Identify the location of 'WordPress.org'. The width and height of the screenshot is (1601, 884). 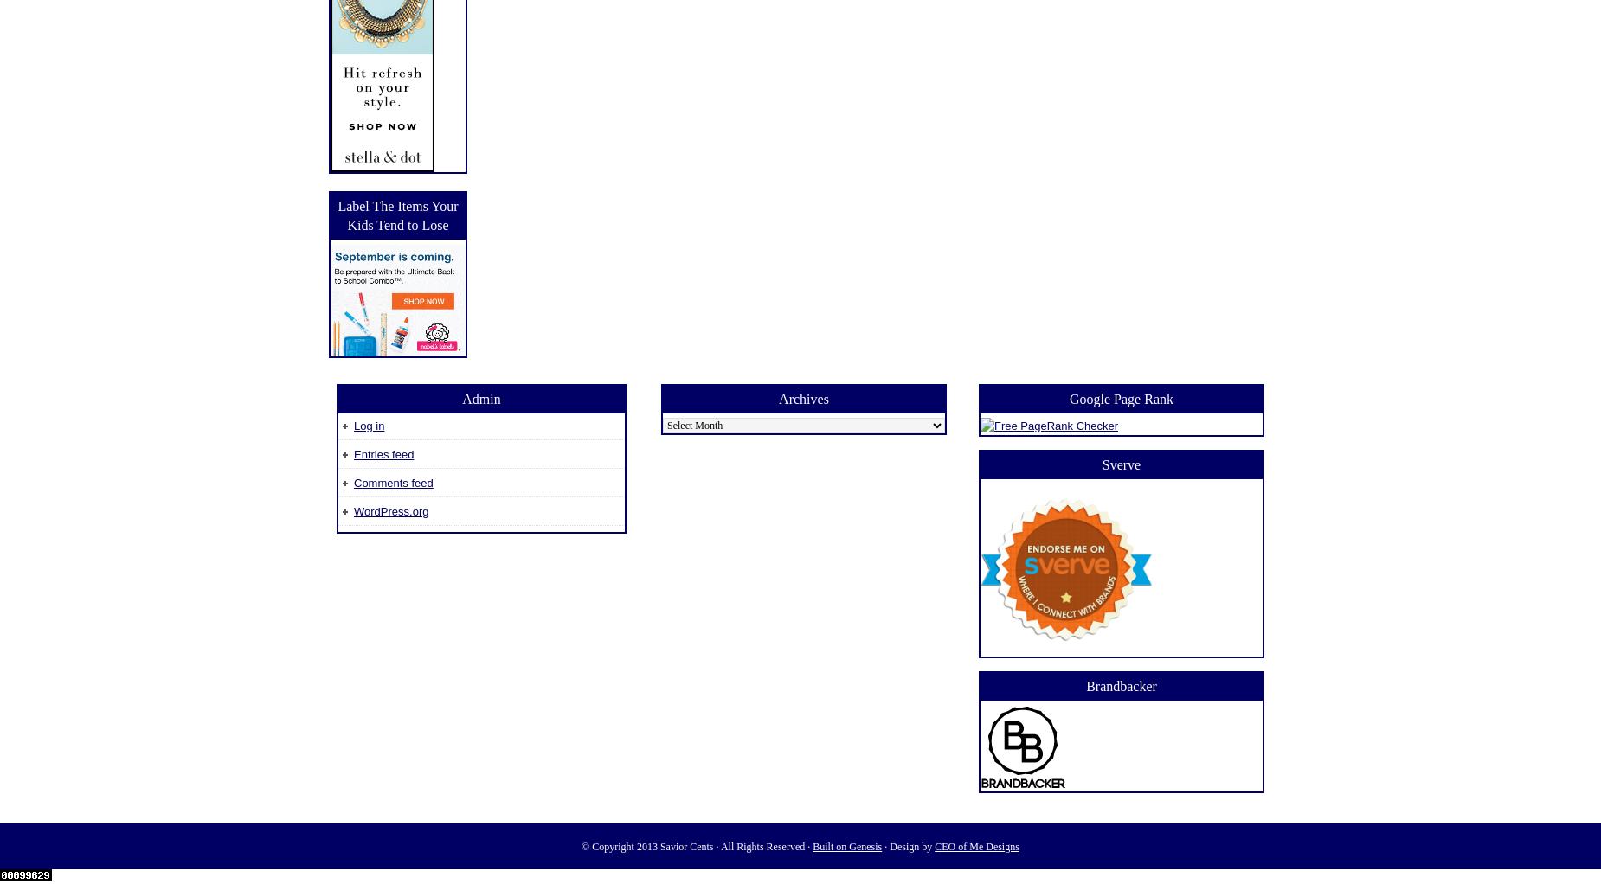
(353, 510).